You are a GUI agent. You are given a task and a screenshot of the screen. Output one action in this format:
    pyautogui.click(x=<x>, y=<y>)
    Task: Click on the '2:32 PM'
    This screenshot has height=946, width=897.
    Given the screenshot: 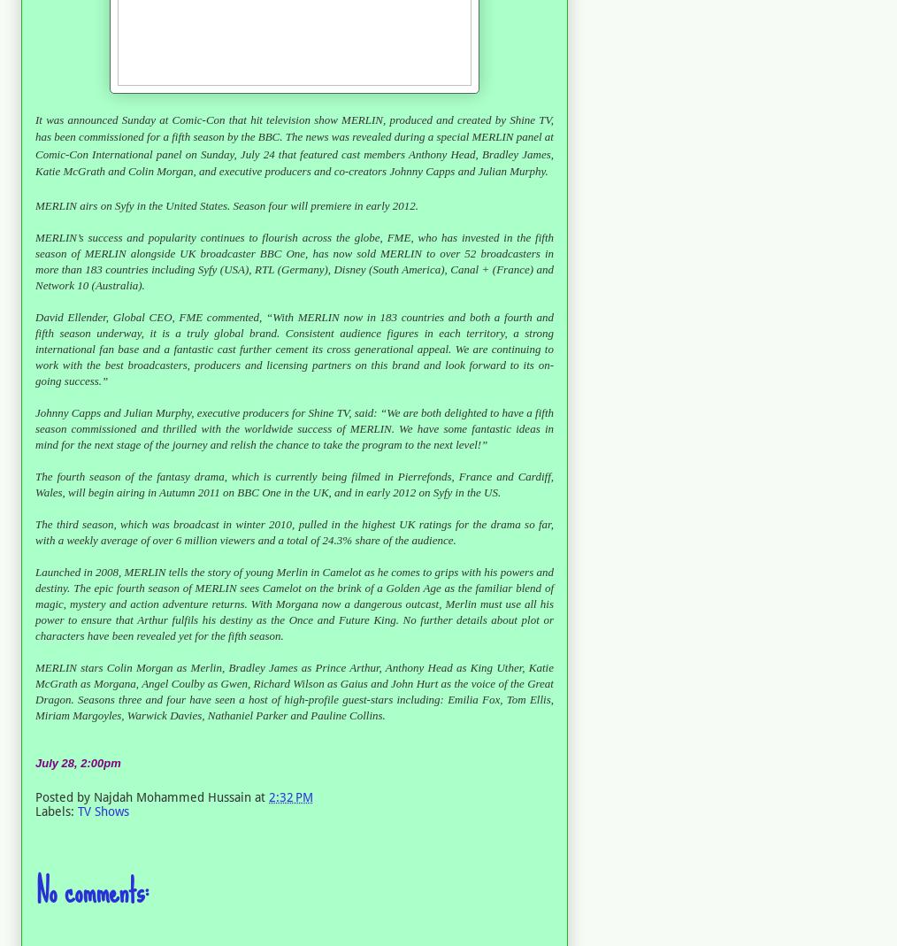 What is the action you would take?
    pyautogui.click(x=291, y=795)
    